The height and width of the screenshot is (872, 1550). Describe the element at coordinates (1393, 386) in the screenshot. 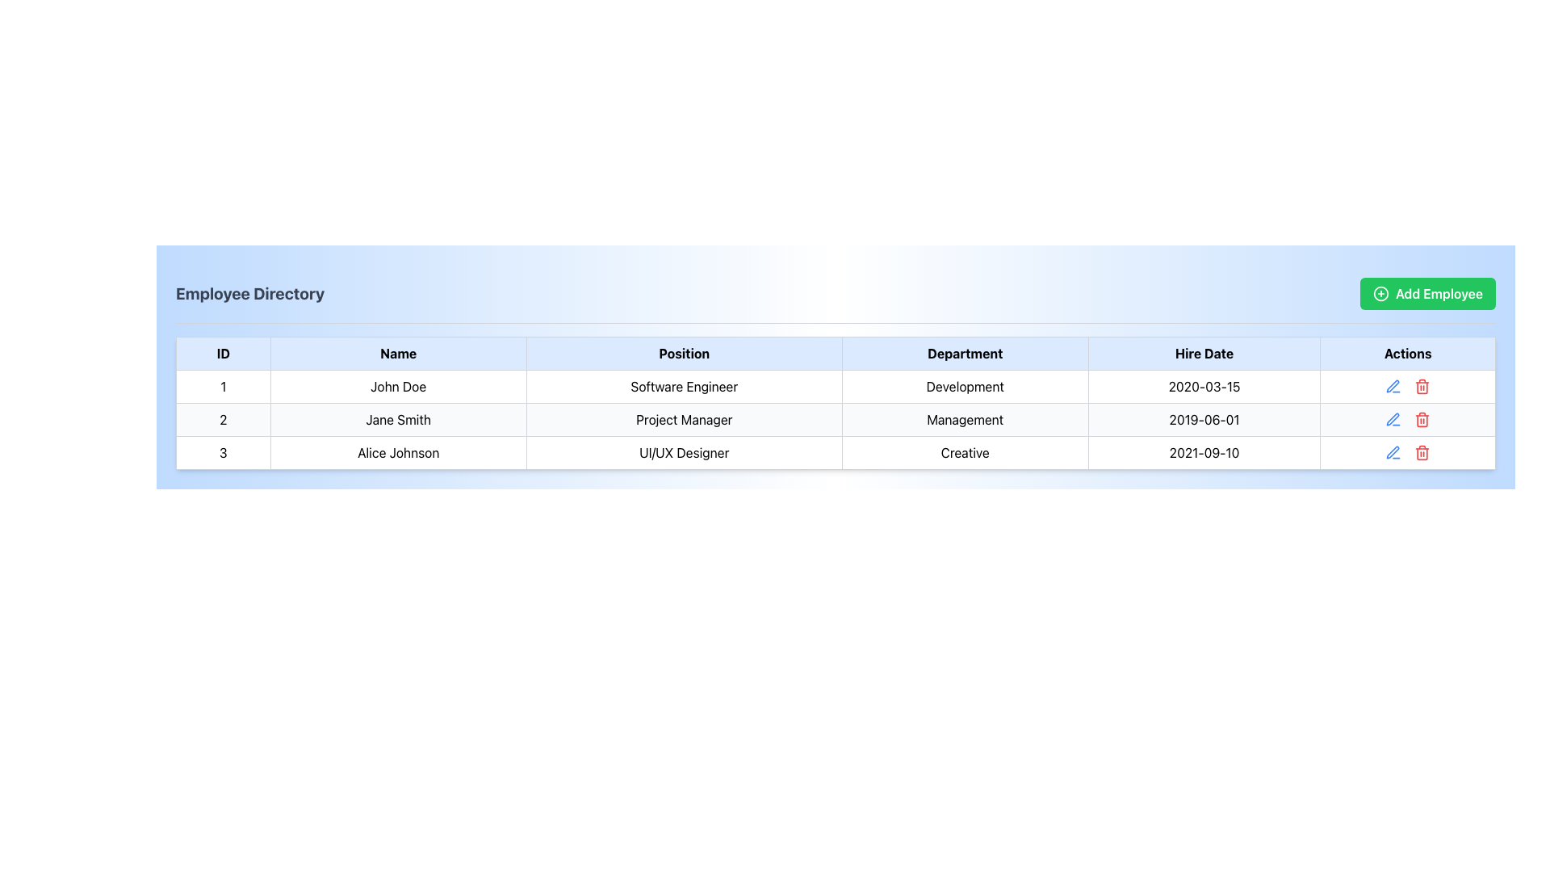

I see `the pen icon in the 'Actions' column of the second row to initiate an edit action` at that location.